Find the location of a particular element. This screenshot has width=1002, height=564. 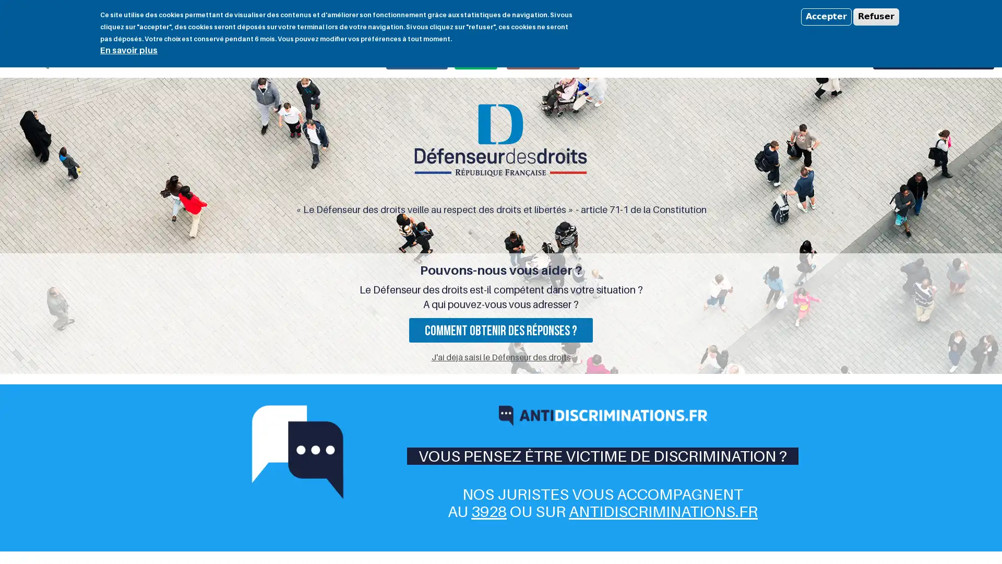

En savoir plus is located at coordinates (128, 50).